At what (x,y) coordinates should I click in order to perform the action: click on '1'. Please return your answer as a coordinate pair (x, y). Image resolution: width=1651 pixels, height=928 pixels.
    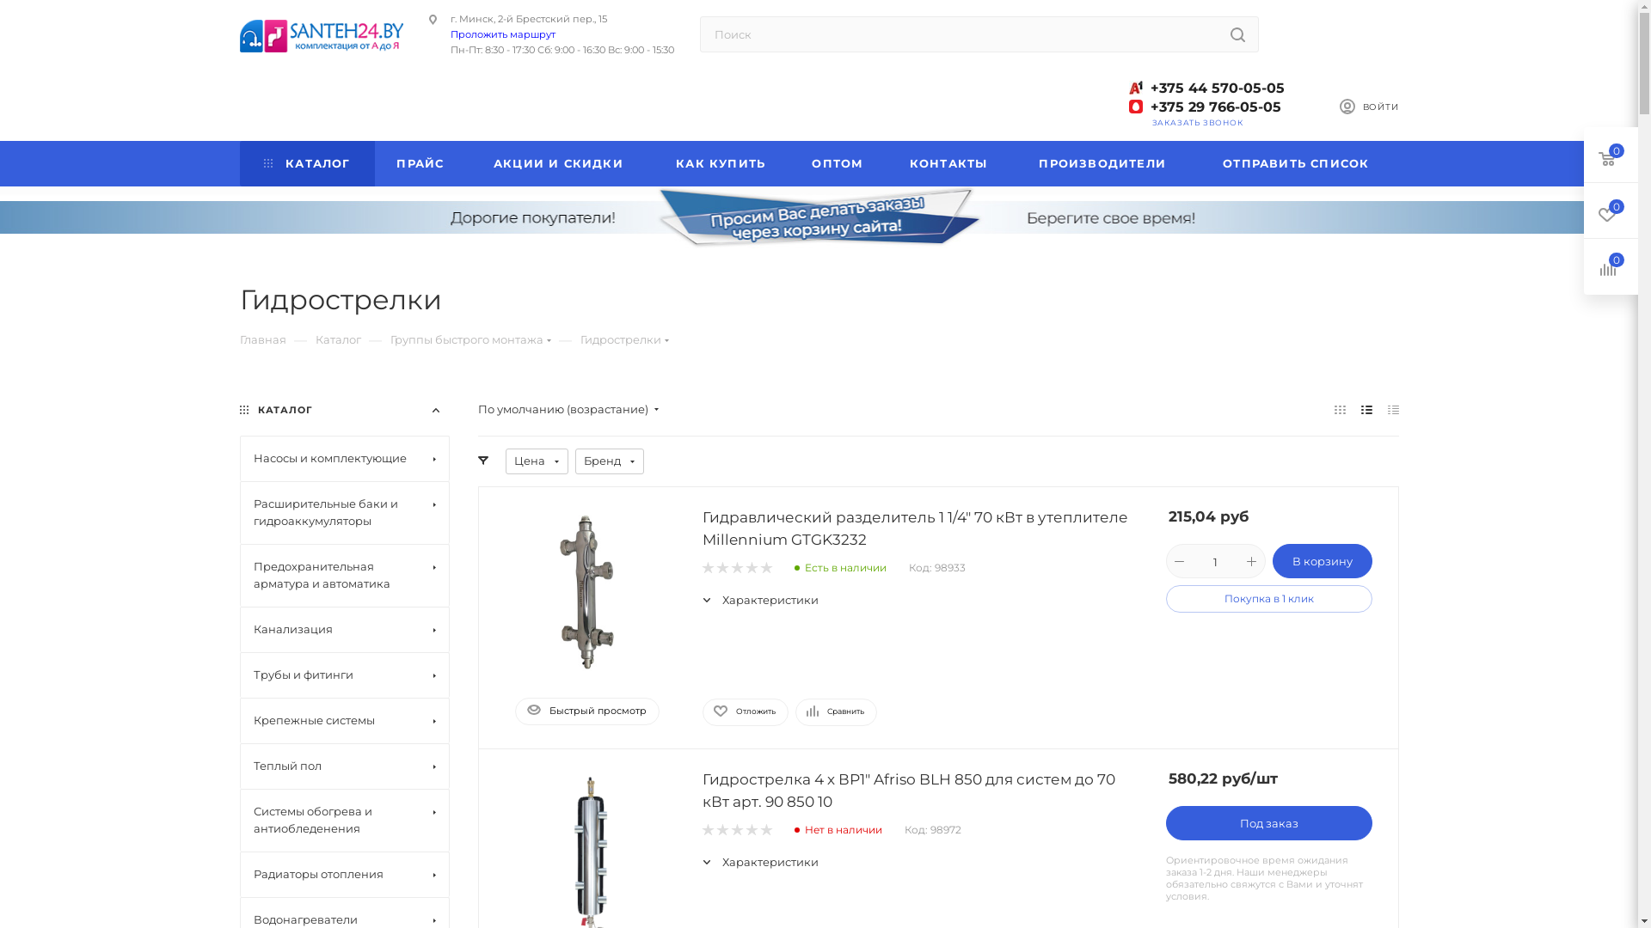
    Looking at the image, I should click on (707, 829).